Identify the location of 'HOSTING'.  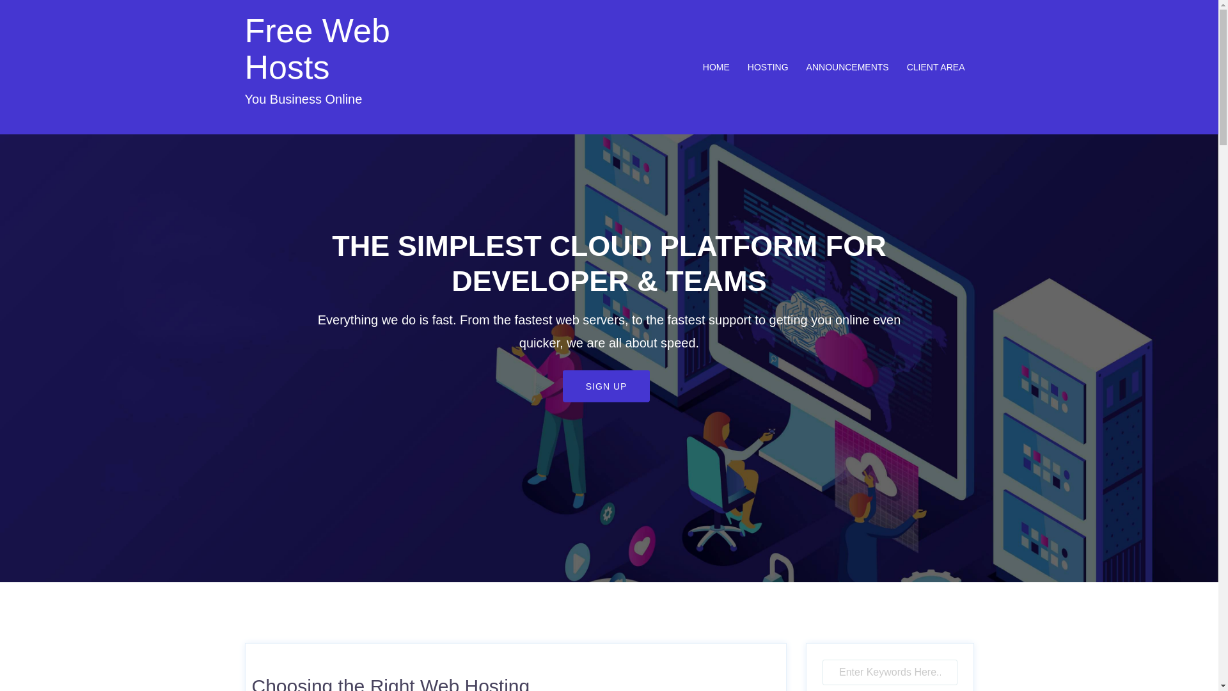
(767, 67).